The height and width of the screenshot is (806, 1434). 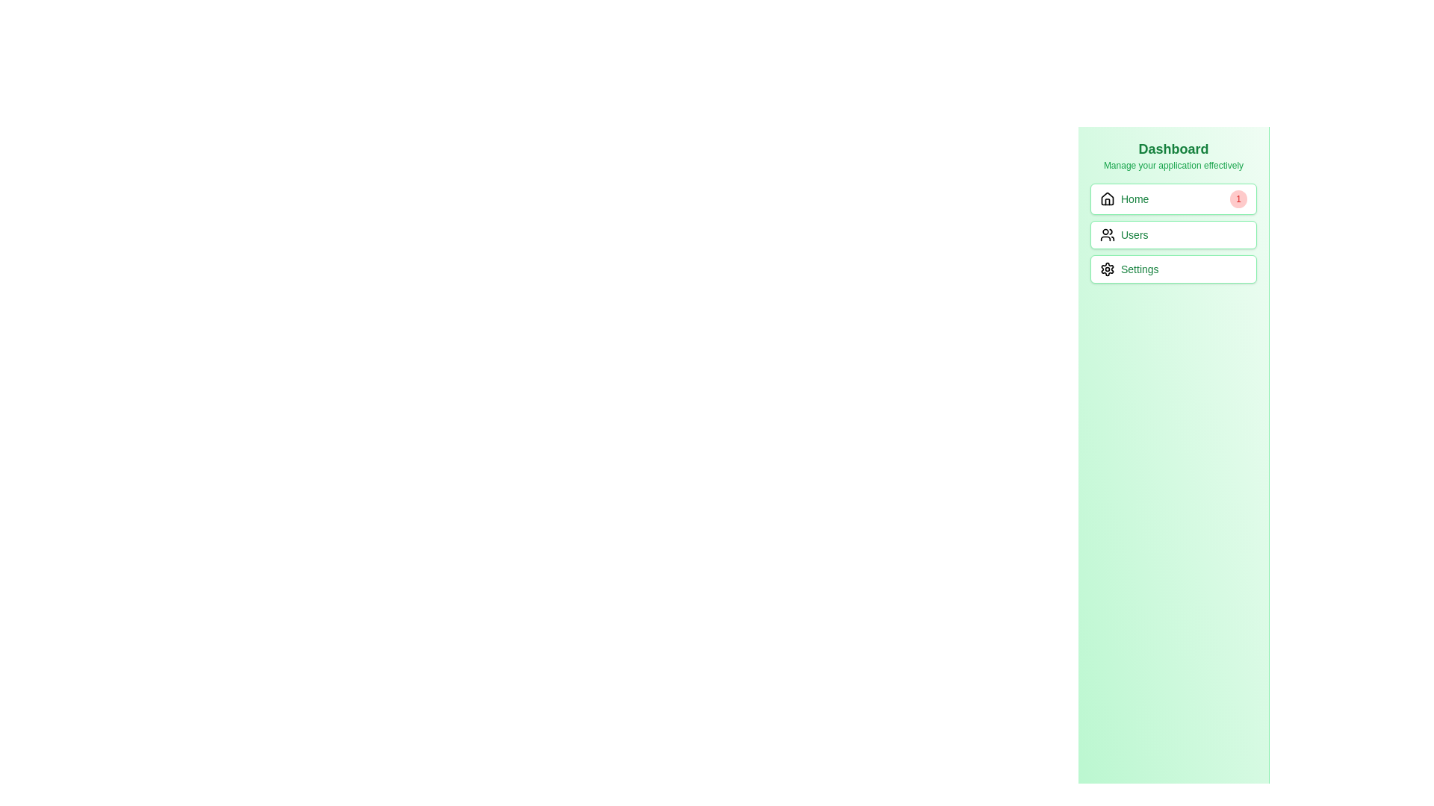 I want to click on the 'Home' icon in the navigation menu, so click(x=1108, y=198).